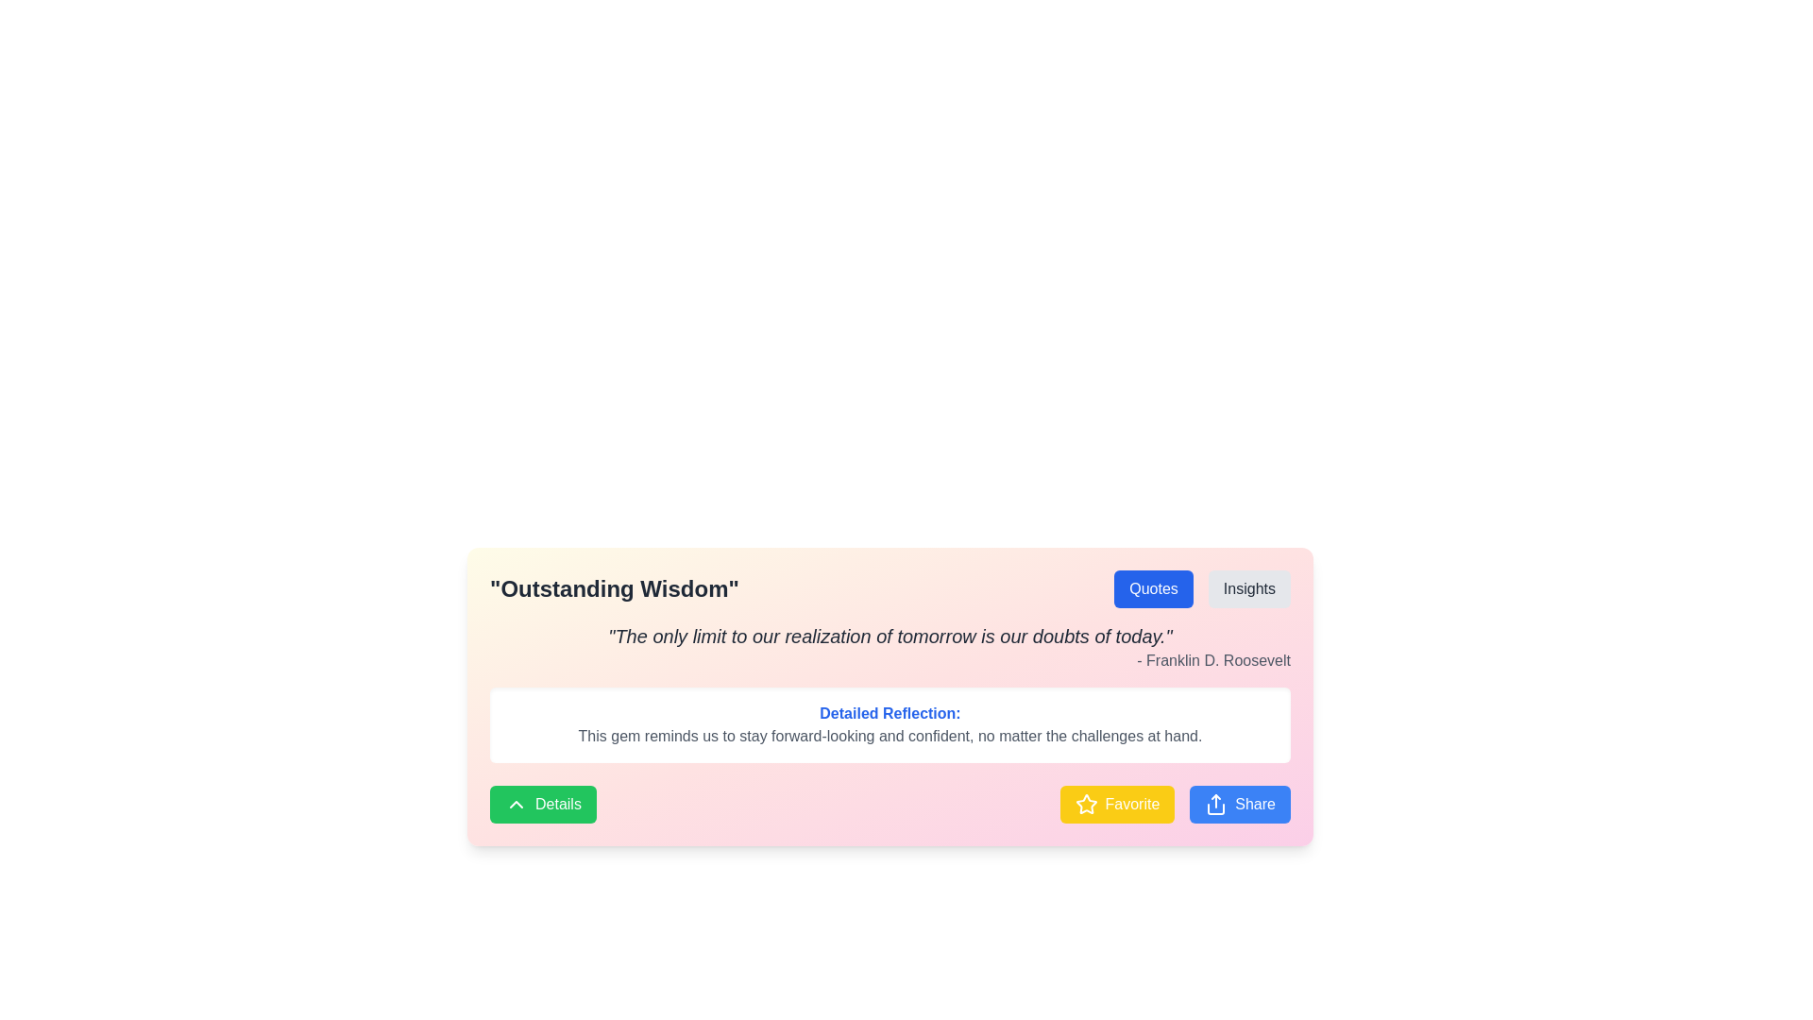 This screenshot has height=1020, width=1813. Describe the element at coordinates (889, 735) in the screenshot. I see `text element that states 'This gem reminds us to stay forward-looking and confident, no matter the challenges at hand.' which is located beneath the 'Detailed Reflection:' heading in a gray font` at that location.